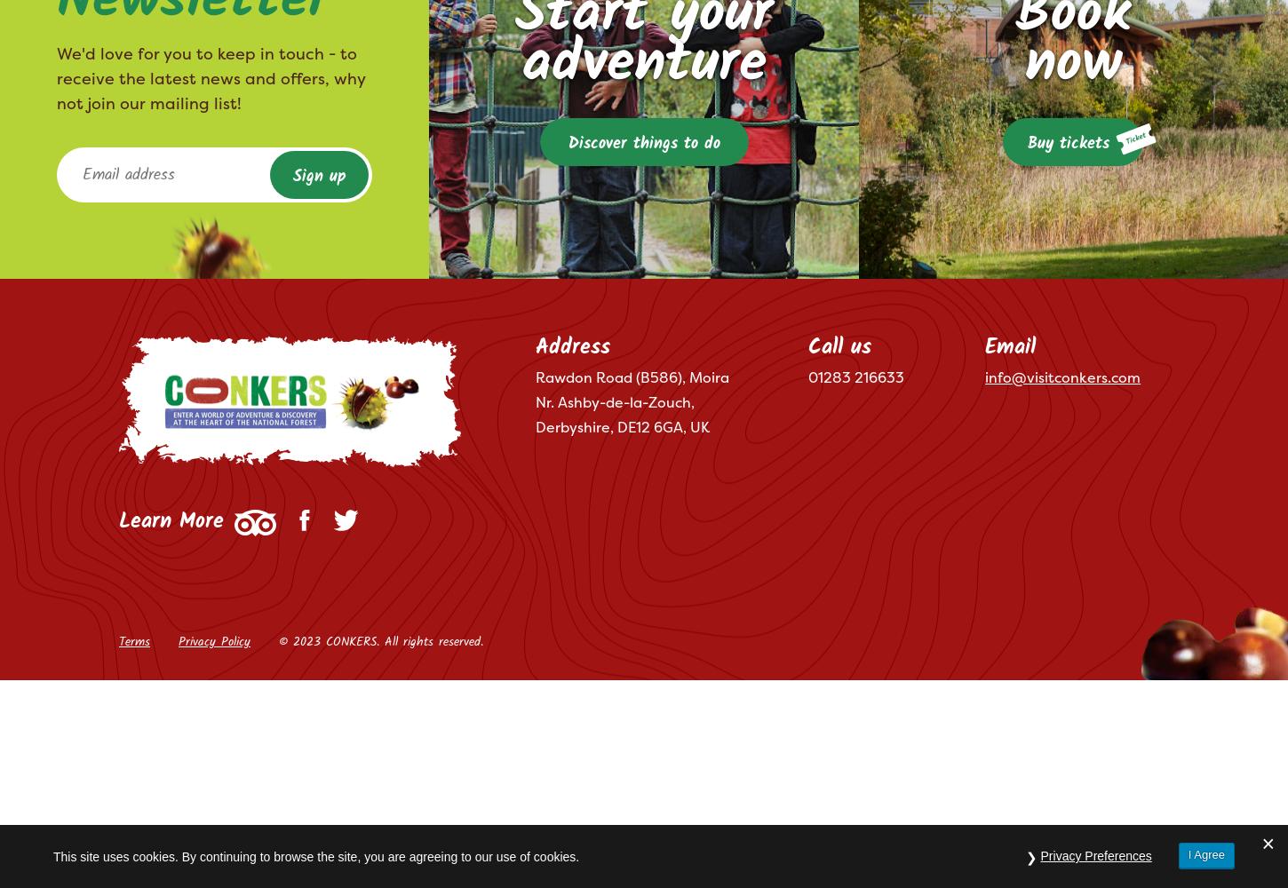  Describe the element at coordinates (642, 143) in the screenshot. I see `'Discover things to do'` at that location.